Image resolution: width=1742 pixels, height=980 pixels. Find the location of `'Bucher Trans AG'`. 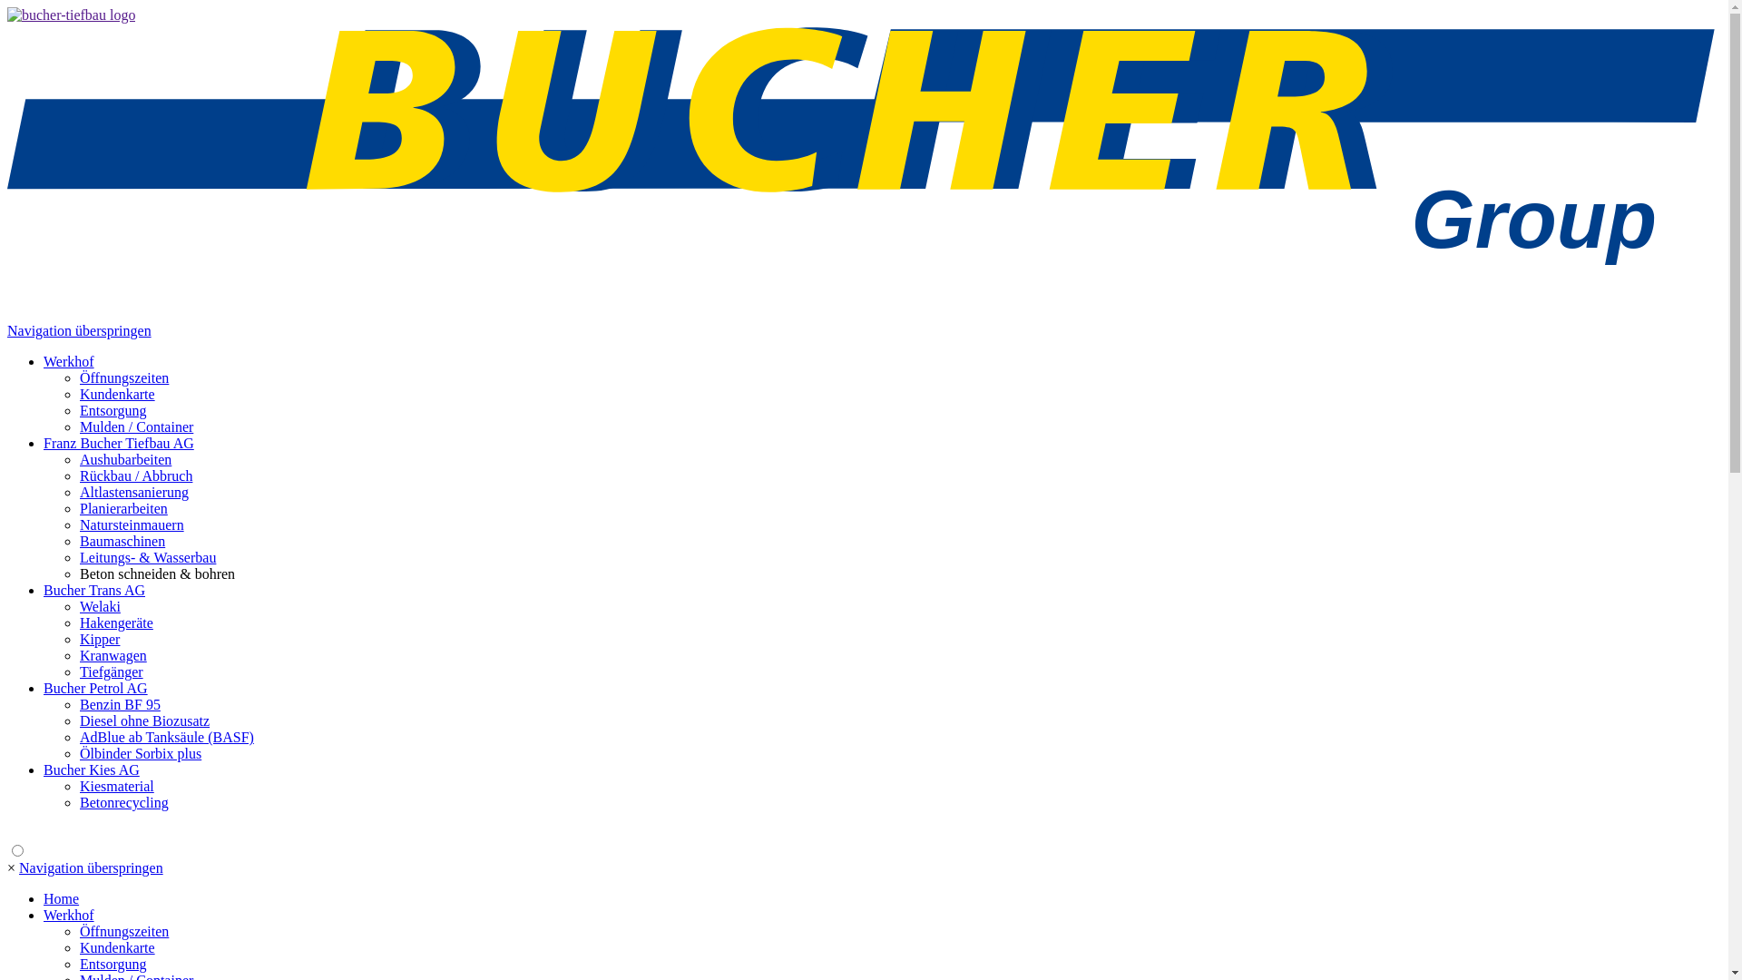

'Bucher Trans AG' is located at coordinates (93, 590).